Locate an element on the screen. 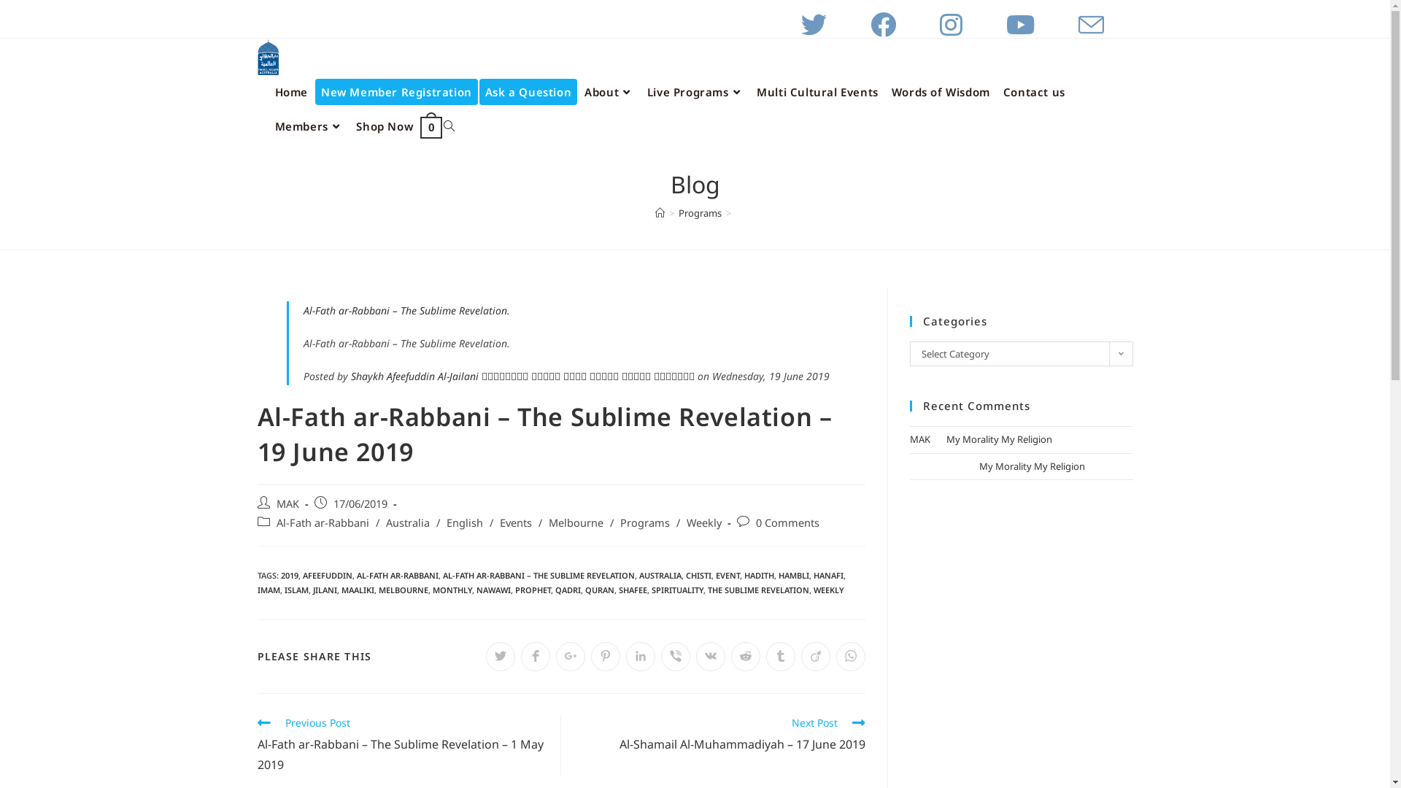  'QURAN' is located at coordinates (599, 589).